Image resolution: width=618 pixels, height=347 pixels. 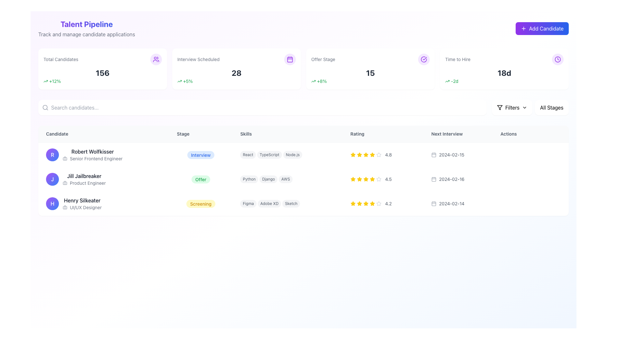 What do you see at coordinates (523, 28) in the screenshot?
I see `the '+' icon located in the top-right corner of the 'Add Candidate' button to initiate adding a candidate` at bounding box center [523, 28].